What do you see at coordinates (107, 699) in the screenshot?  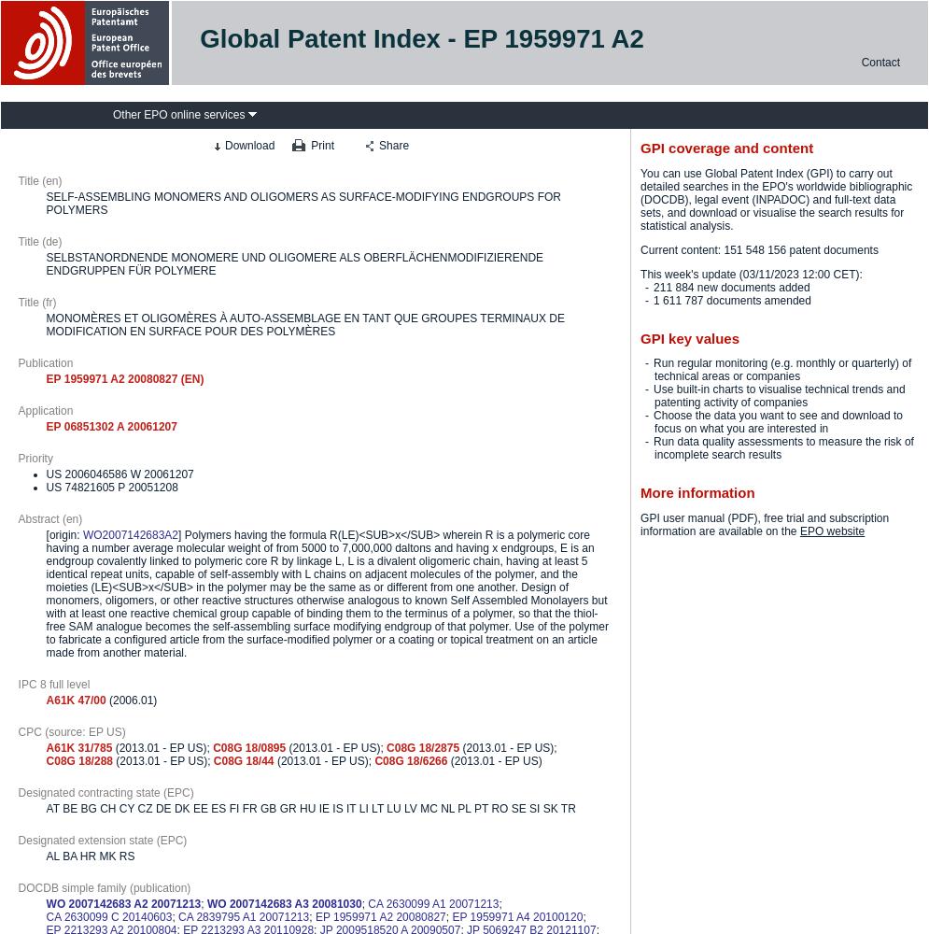 I see `'(2006.01)'` at bounding box center [107, 699].